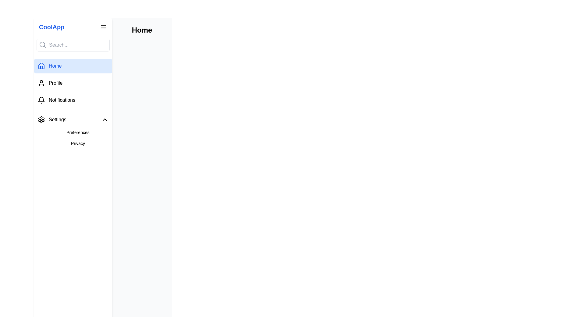  I want to click on the user silhouette icon, so click(41, 83).